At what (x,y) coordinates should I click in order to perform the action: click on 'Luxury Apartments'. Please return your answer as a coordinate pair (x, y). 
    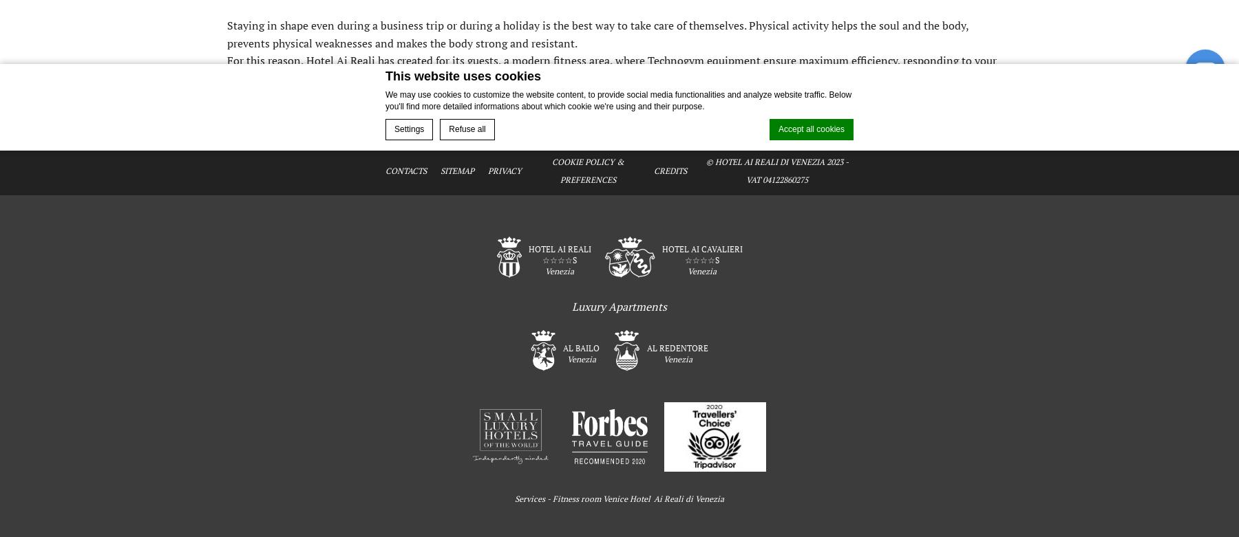
    Looking at the image, I should click on (618, 305).